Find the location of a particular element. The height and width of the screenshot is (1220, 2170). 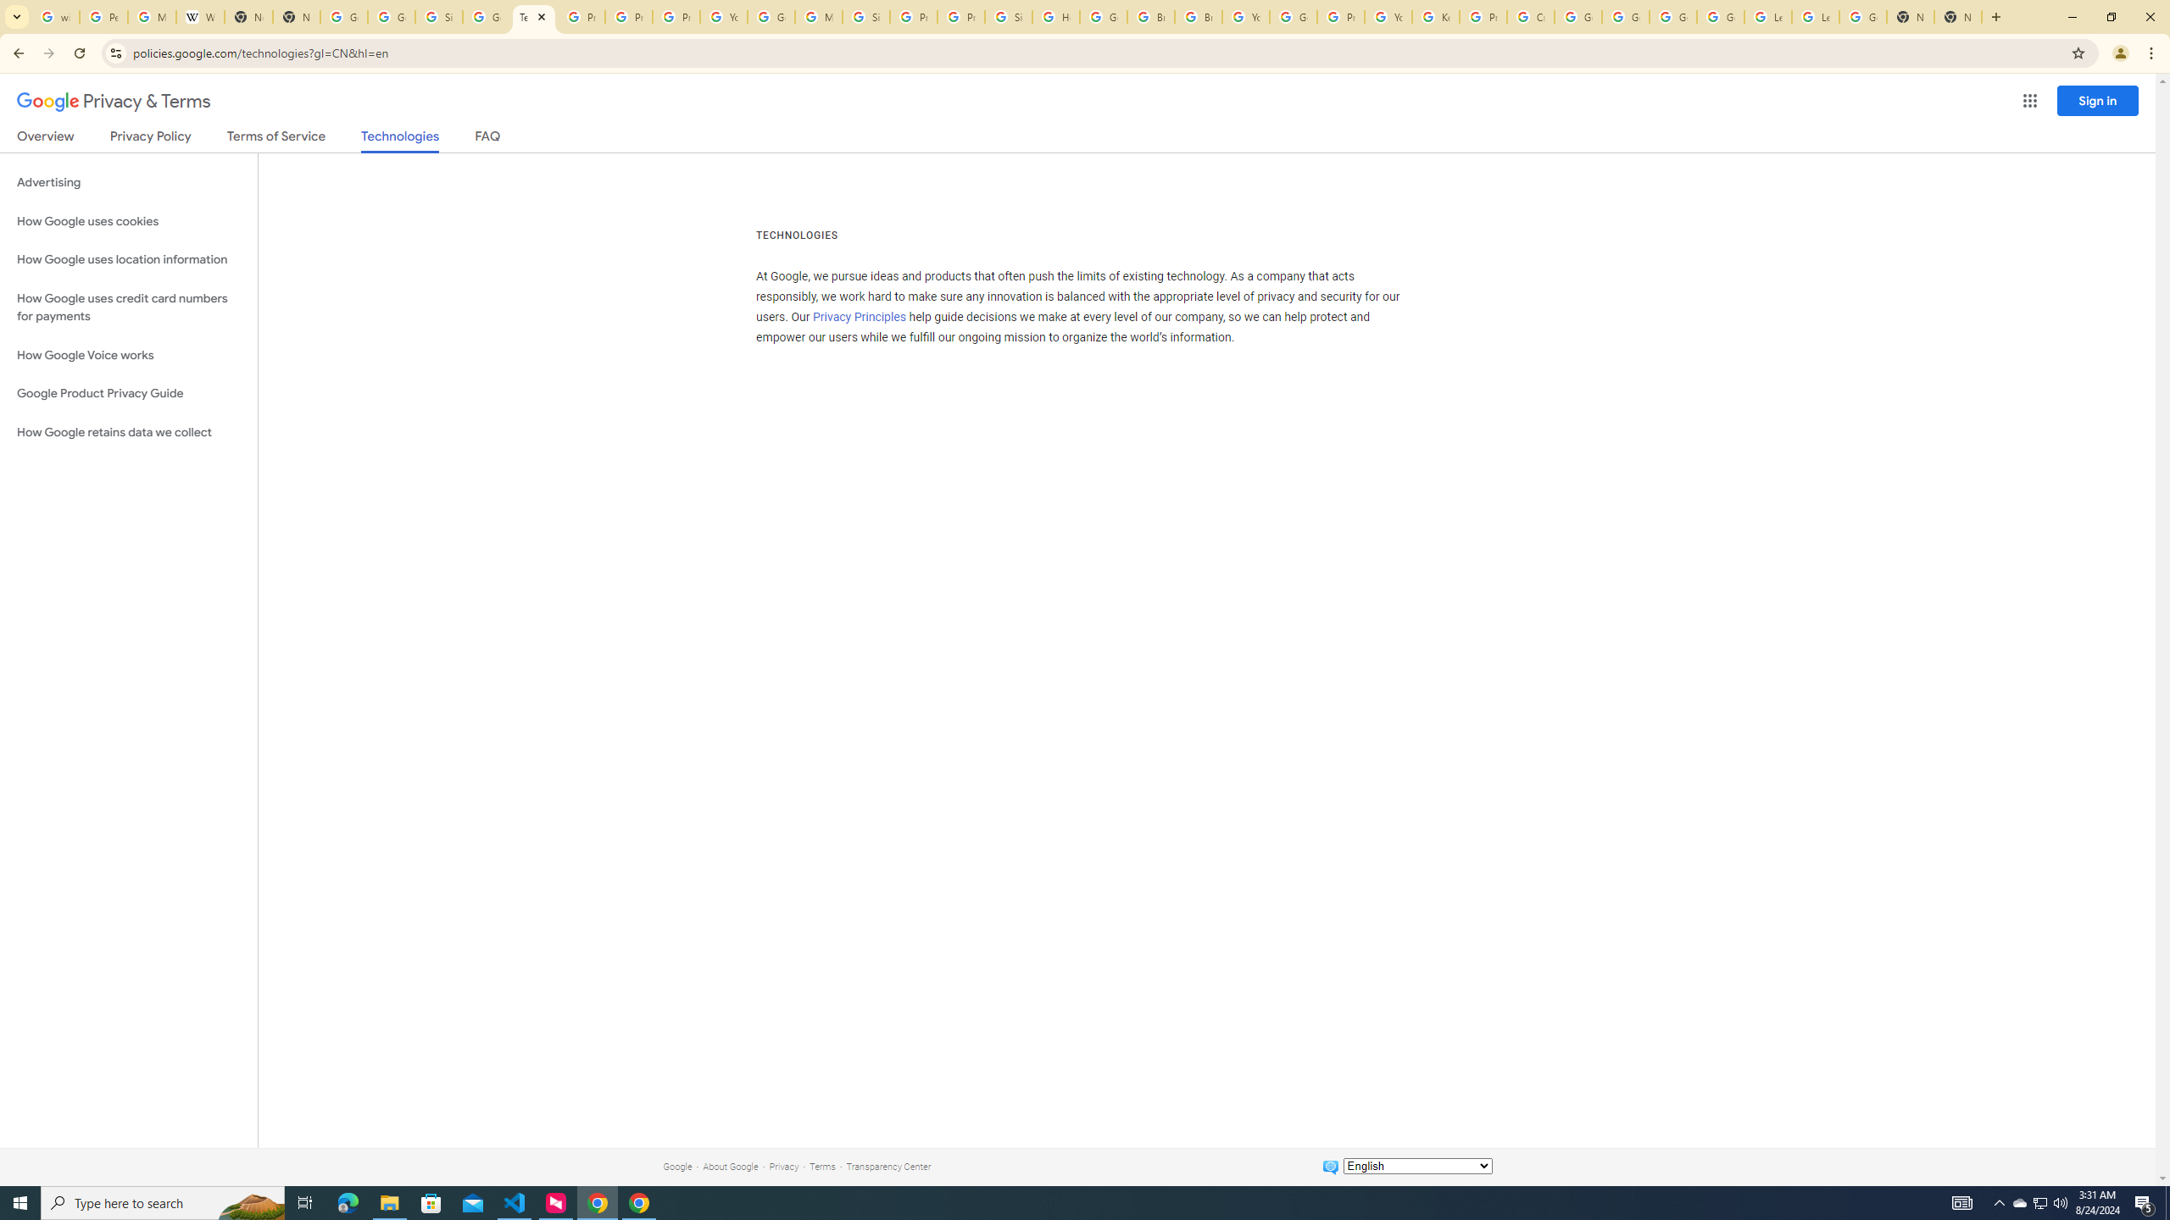

'How Google Voice works' is located at coordinates (128, 354).